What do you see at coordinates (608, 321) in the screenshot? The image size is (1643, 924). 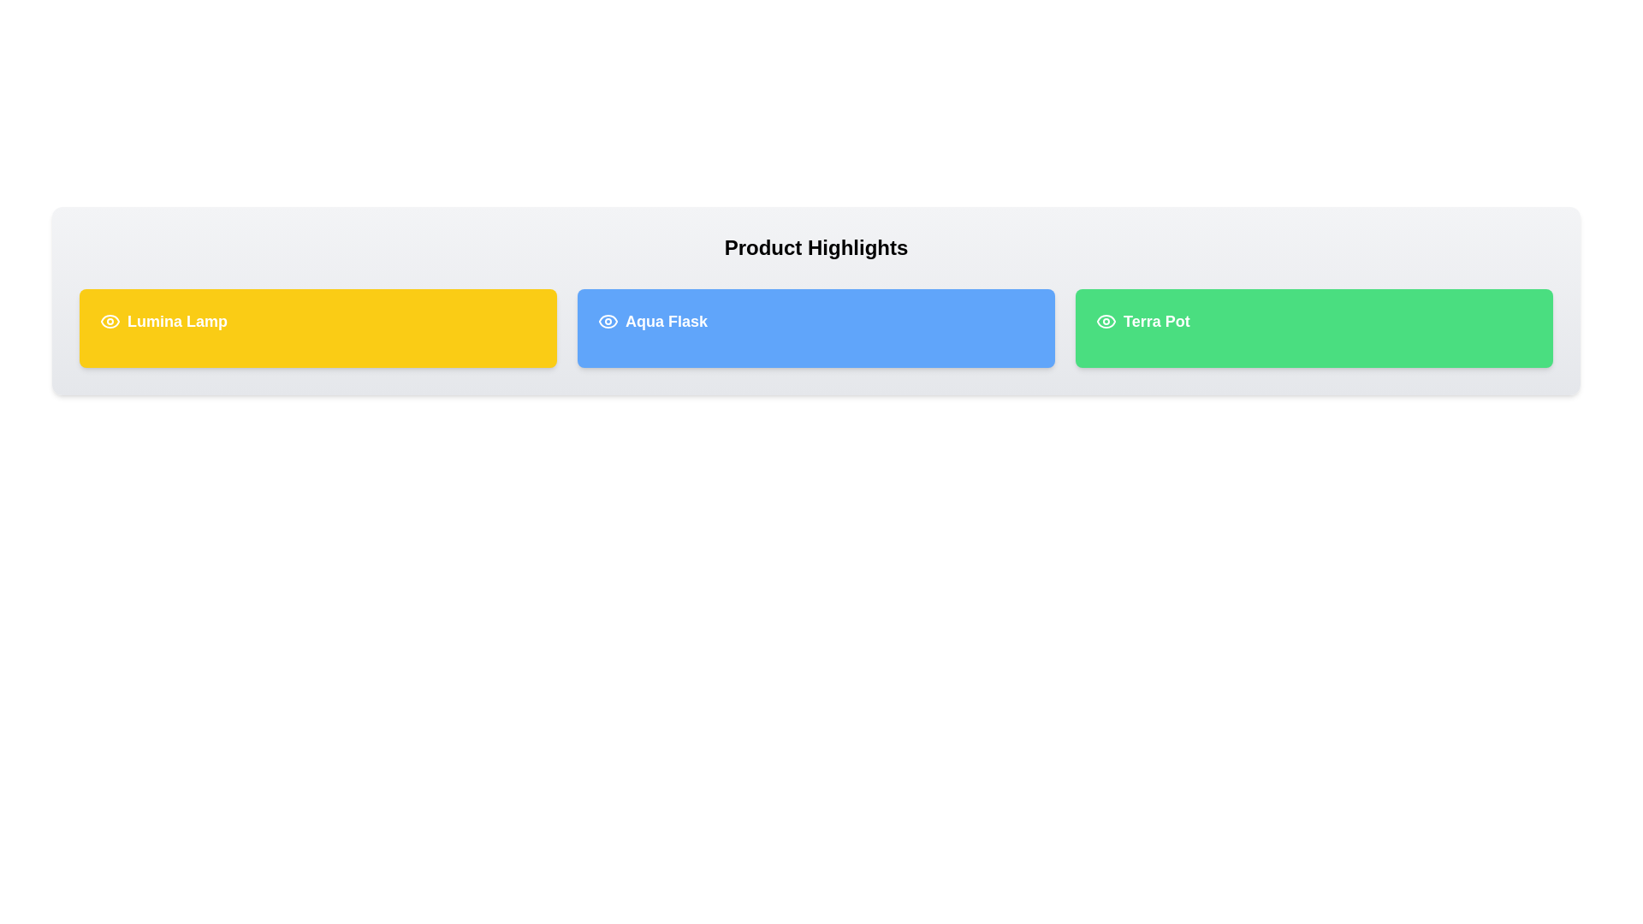 I see `the eye-shaped icon with a white rounded outline and circular detail, located on a blue background next to the 'Aqua Flask' text` at bounding box center [608, 321].